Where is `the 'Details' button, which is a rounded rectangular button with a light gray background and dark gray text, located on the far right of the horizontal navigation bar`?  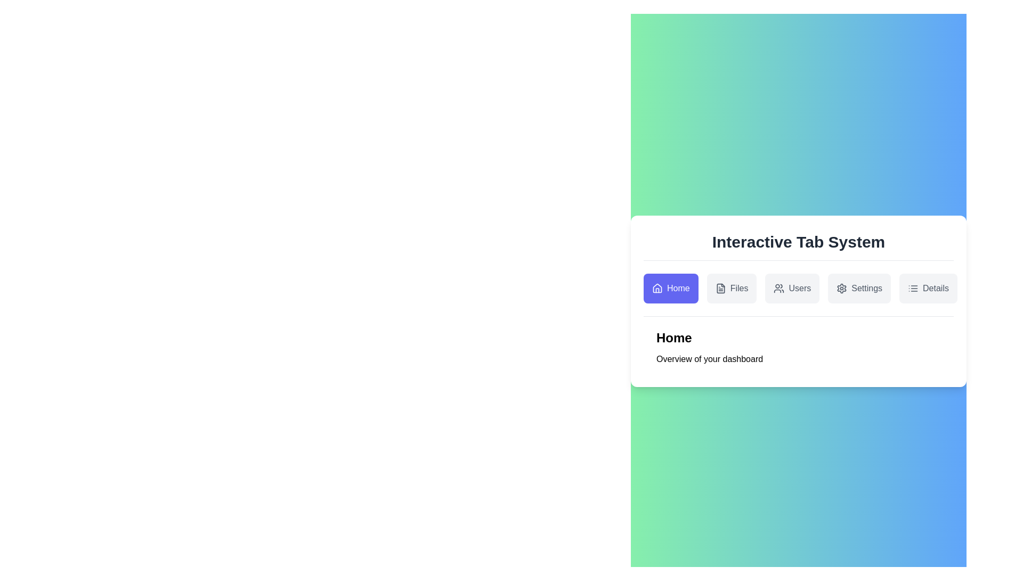
the 'Details' button, which is a rounded rectangular button with a light gray background and dark gray text, located on the far right of the horizontal navigation bar is located at coordinates (928, 289).